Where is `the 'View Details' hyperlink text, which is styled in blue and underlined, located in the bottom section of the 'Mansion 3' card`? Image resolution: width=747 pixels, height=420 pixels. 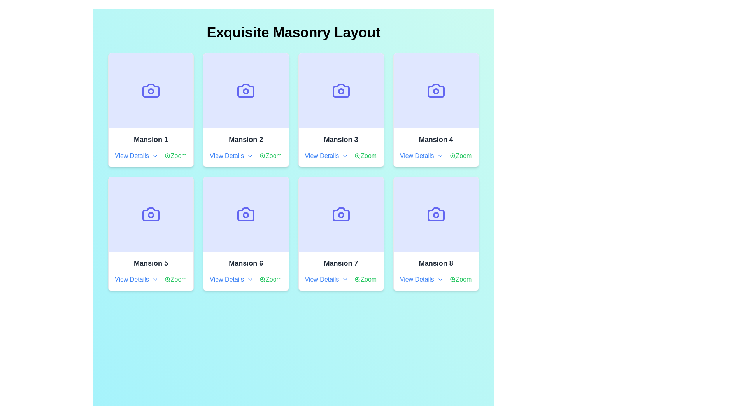
the 'View Details' hyperlink text, which is styled in blue and underlined, located in the bottom section of the 'Mansion 3' card is located at coordinates (326, 156).